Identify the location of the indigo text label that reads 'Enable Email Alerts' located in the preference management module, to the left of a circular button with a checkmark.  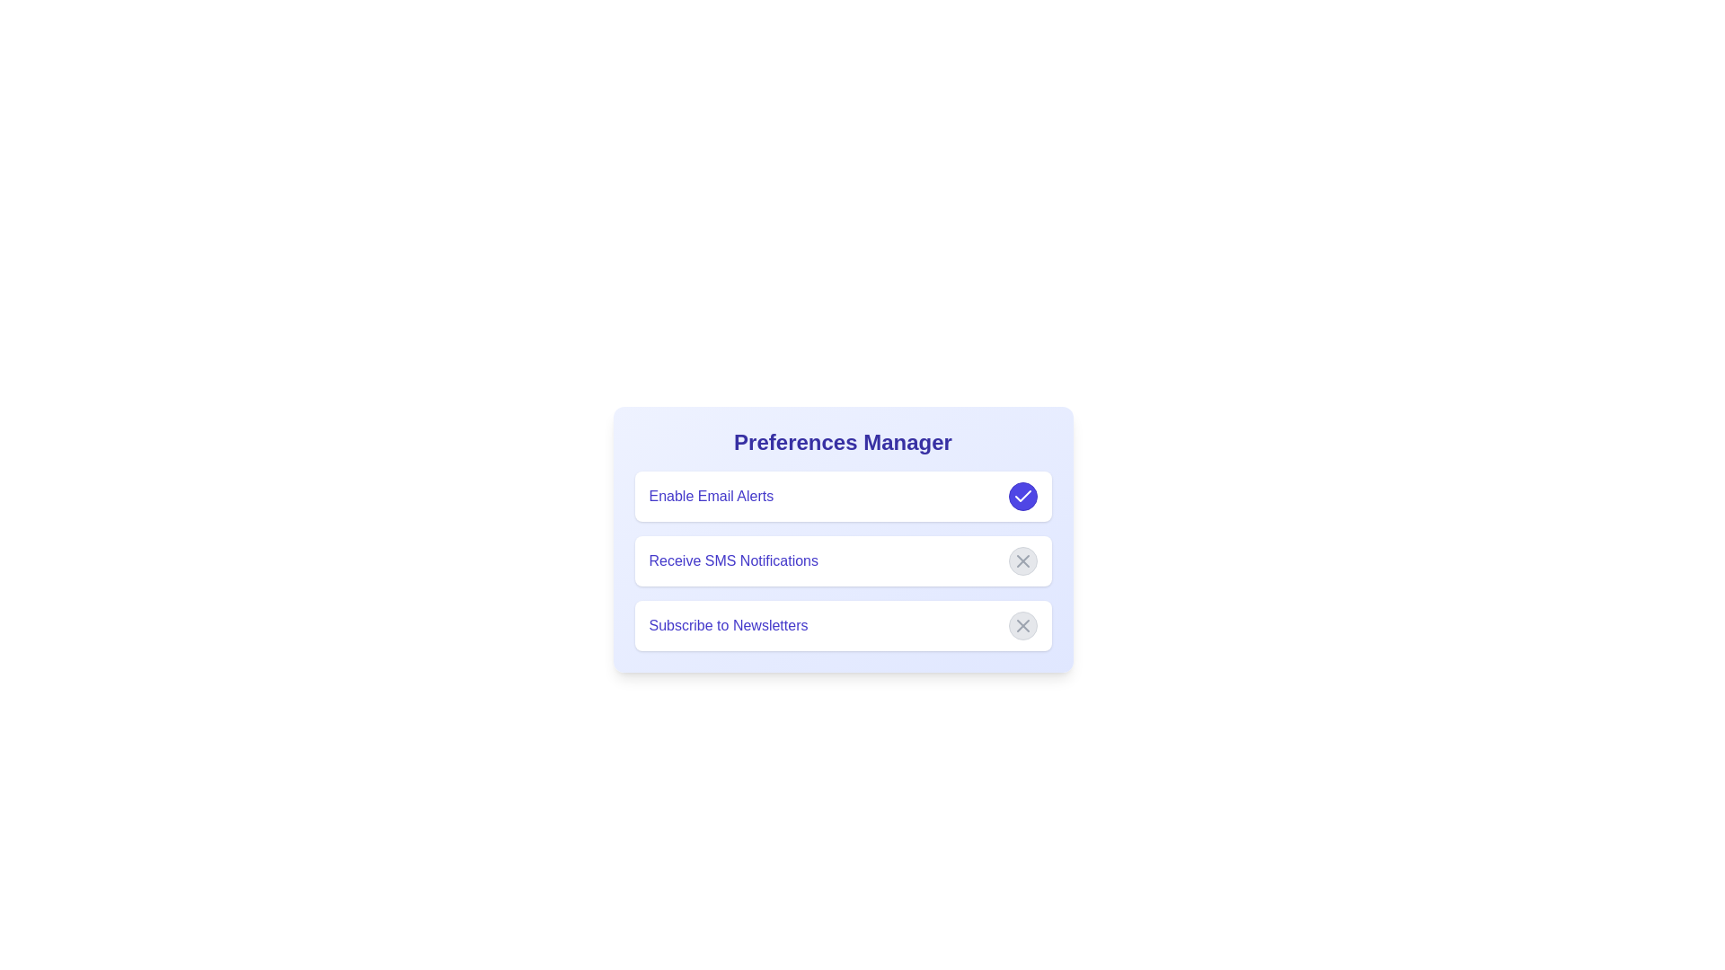
(710, 496).